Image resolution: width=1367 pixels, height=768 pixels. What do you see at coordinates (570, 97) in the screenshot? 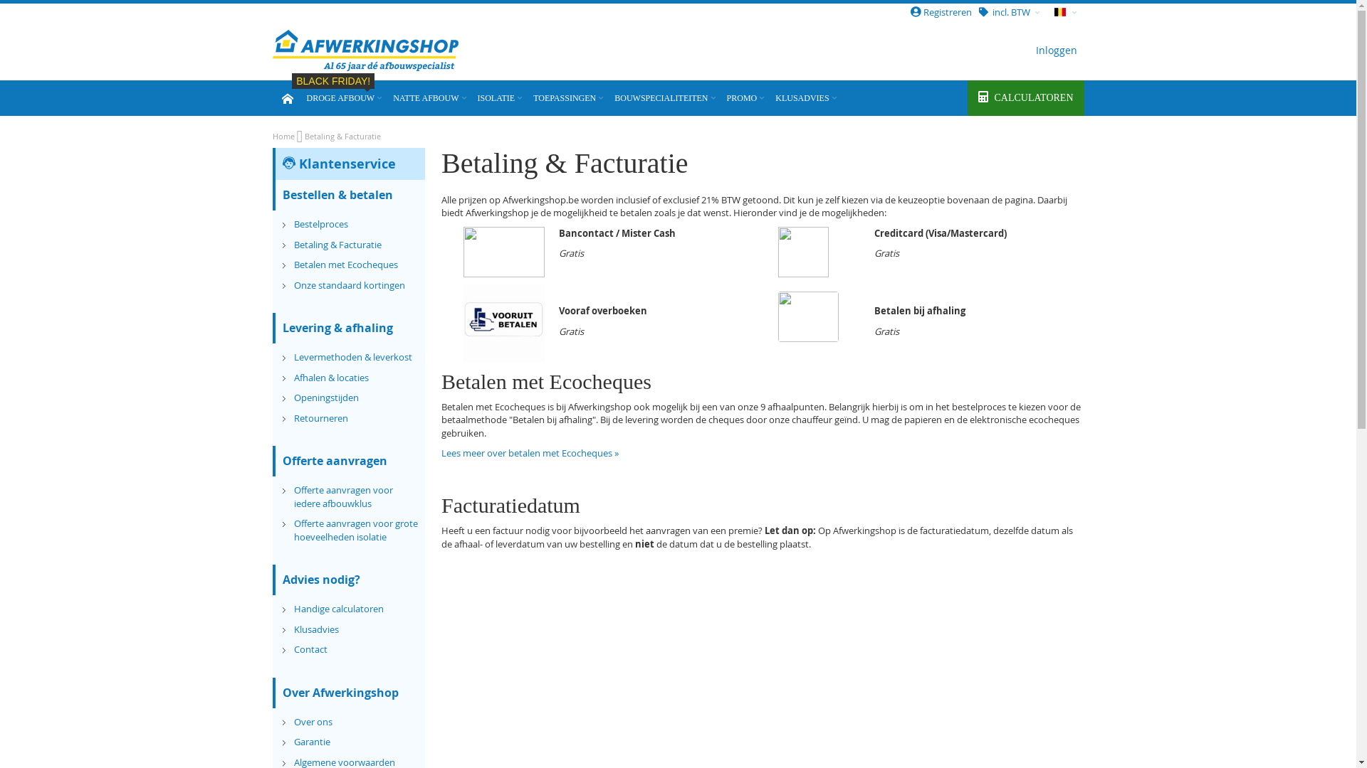
I see `'TOEPASSINGEN'` at bounding box center [570, 97].